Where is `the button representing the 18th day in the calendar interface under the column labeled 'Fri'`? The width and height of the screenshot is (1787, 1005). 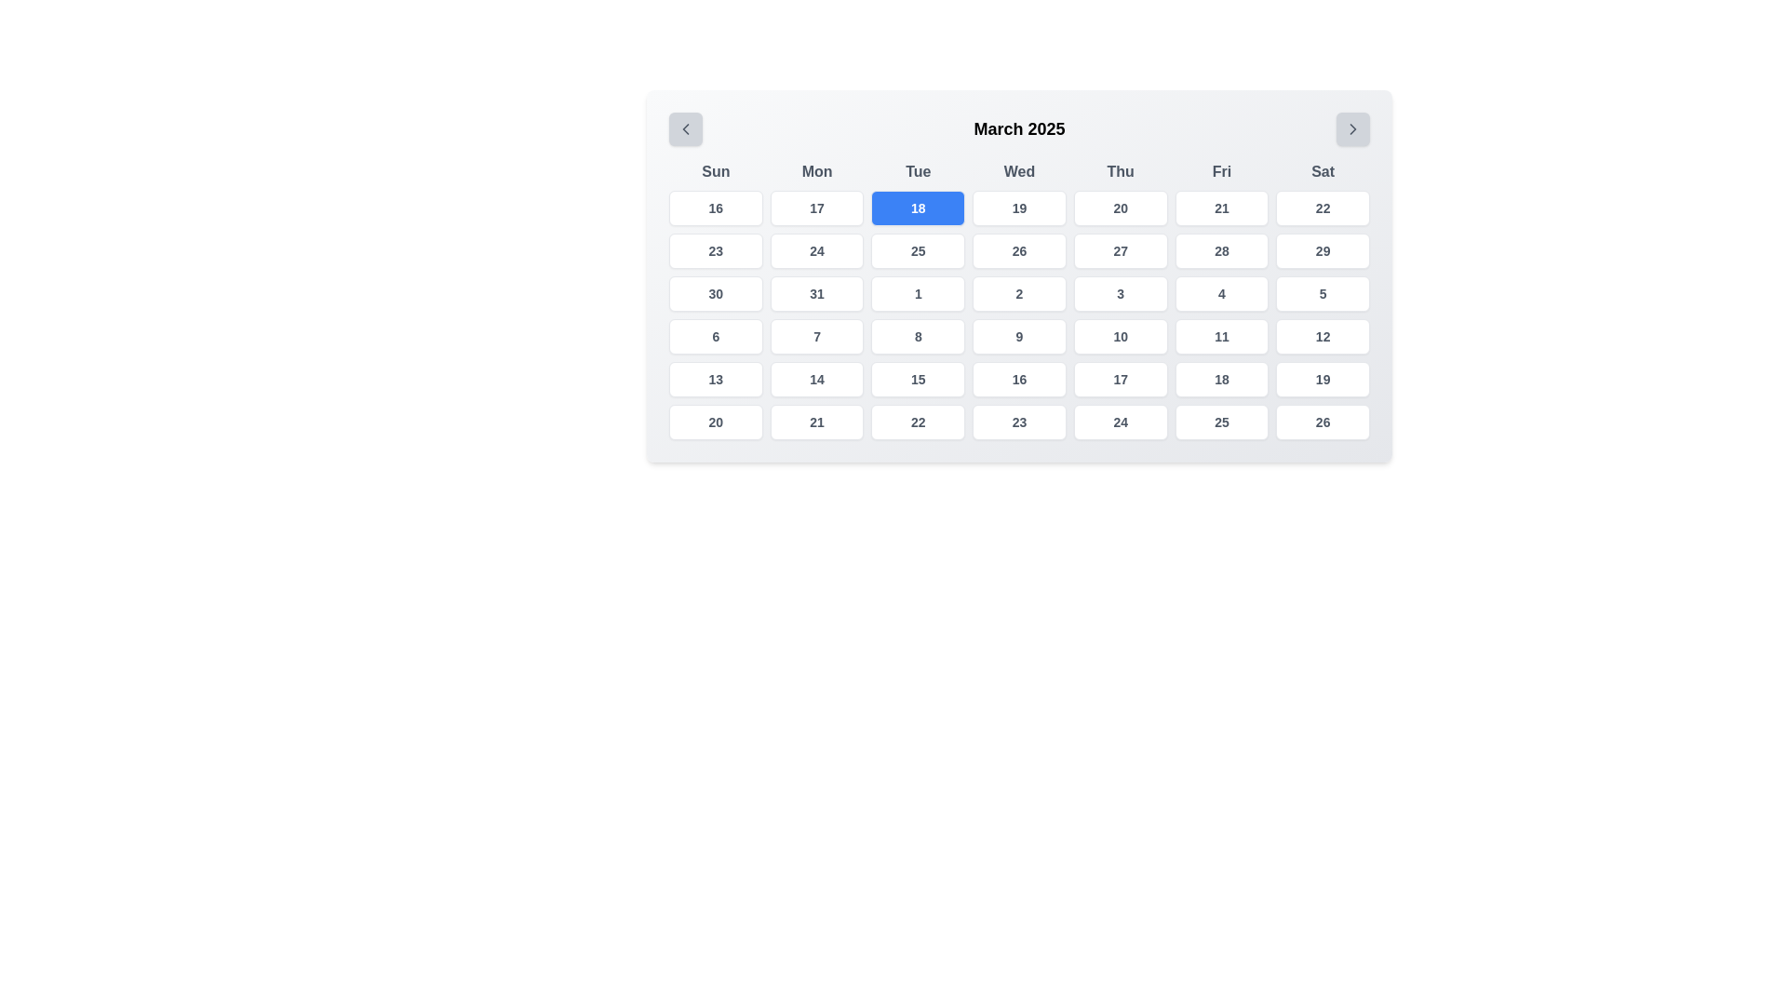
the button representing the 18th day in the calendar interface under the column labeled 'Fri' is located at coordinates (1221, 379).